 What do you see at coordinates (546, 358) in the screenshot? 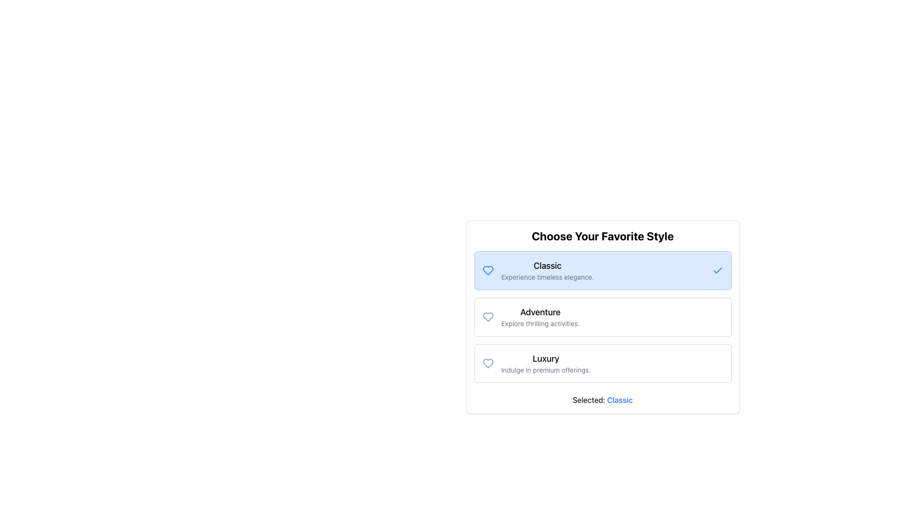
I see `the item category` at bounding box center [546, 358].